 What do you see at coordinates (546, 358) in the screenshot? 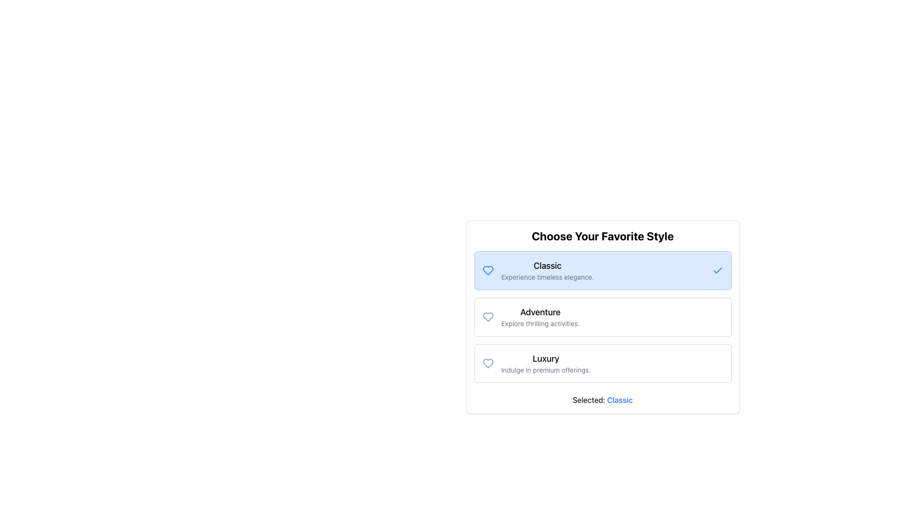
I see `the item category` at bounding box center [546, 358].